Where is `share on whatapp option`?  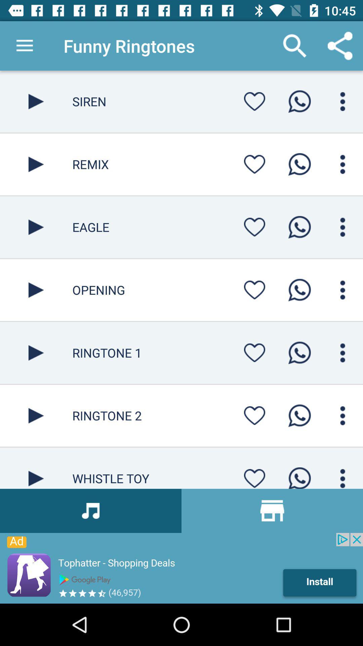 share on whatapp option is located at coordinates (299, 415).